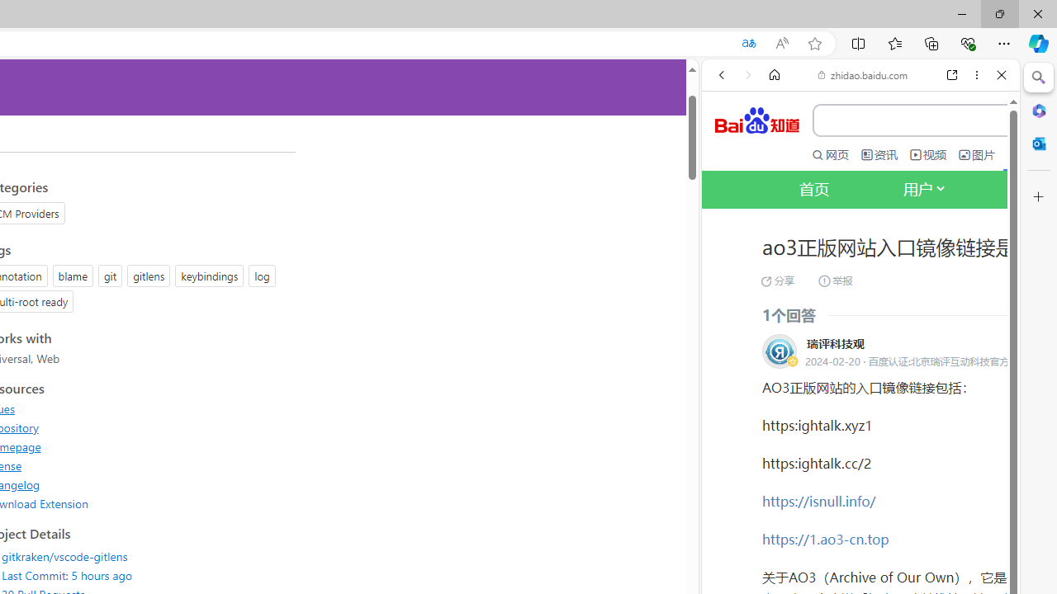 The image size is (1057, 594). What do you see at coordinates (1038, 143) in the screenshot?
I see `'Outlook'` at bounding box center [1038, 143].